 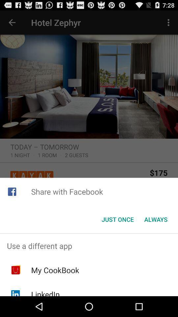 What do you see at coordinates (89, 245) in the screenshot?
I see `the use a different item` at bounding box center [89, 245].